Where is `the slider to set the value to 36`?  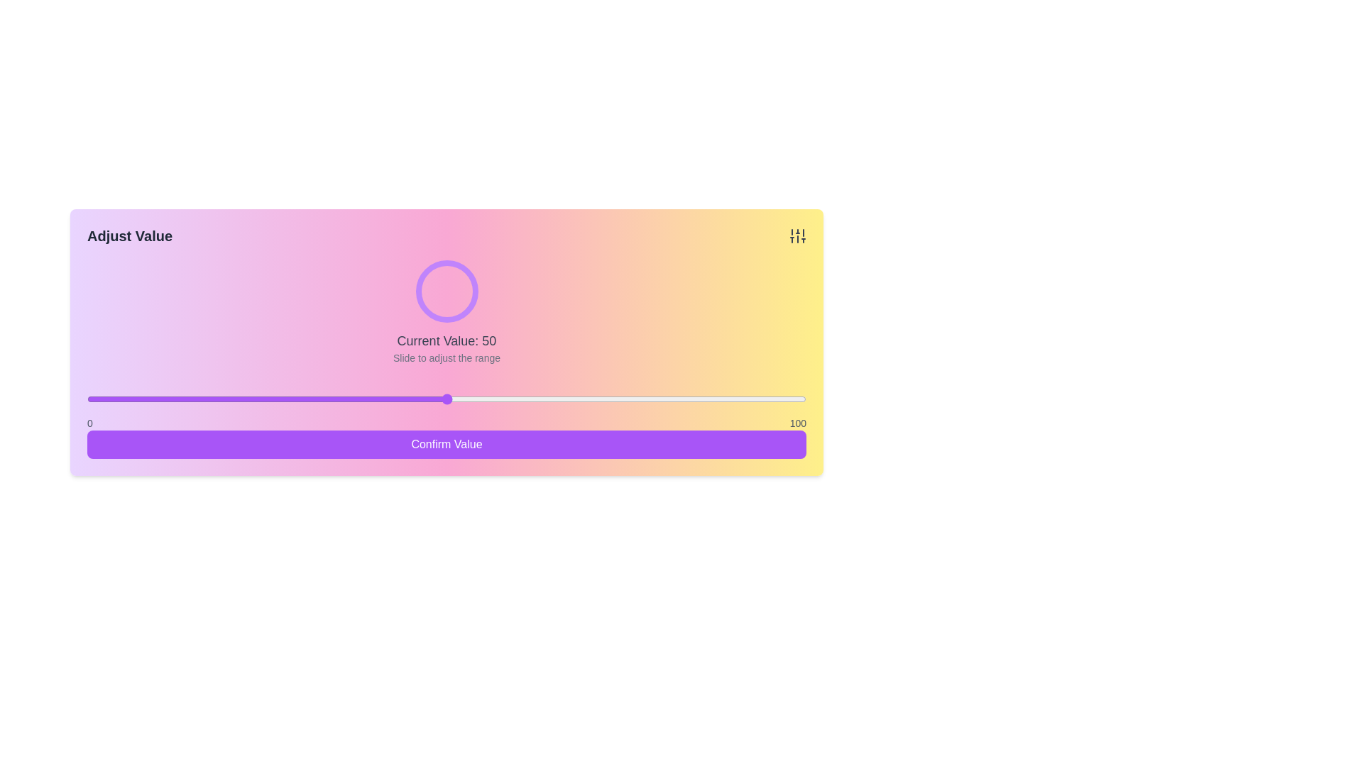 the slider to set the value to 36 is located at coordinates (346, 399).